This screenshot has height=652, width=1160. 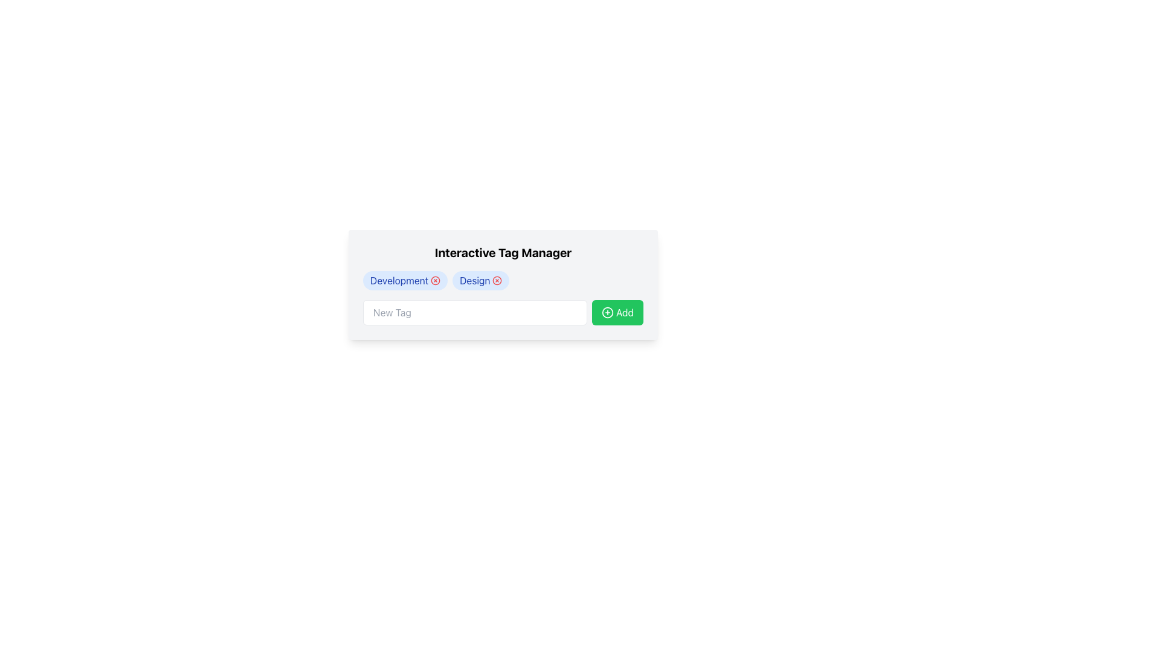 What do you see at coordinates (399, 281) in the screenshot?
I see `on the 'Development' tag in the 'Interactive Tag Manager' section` at bounding box center [399, 281].